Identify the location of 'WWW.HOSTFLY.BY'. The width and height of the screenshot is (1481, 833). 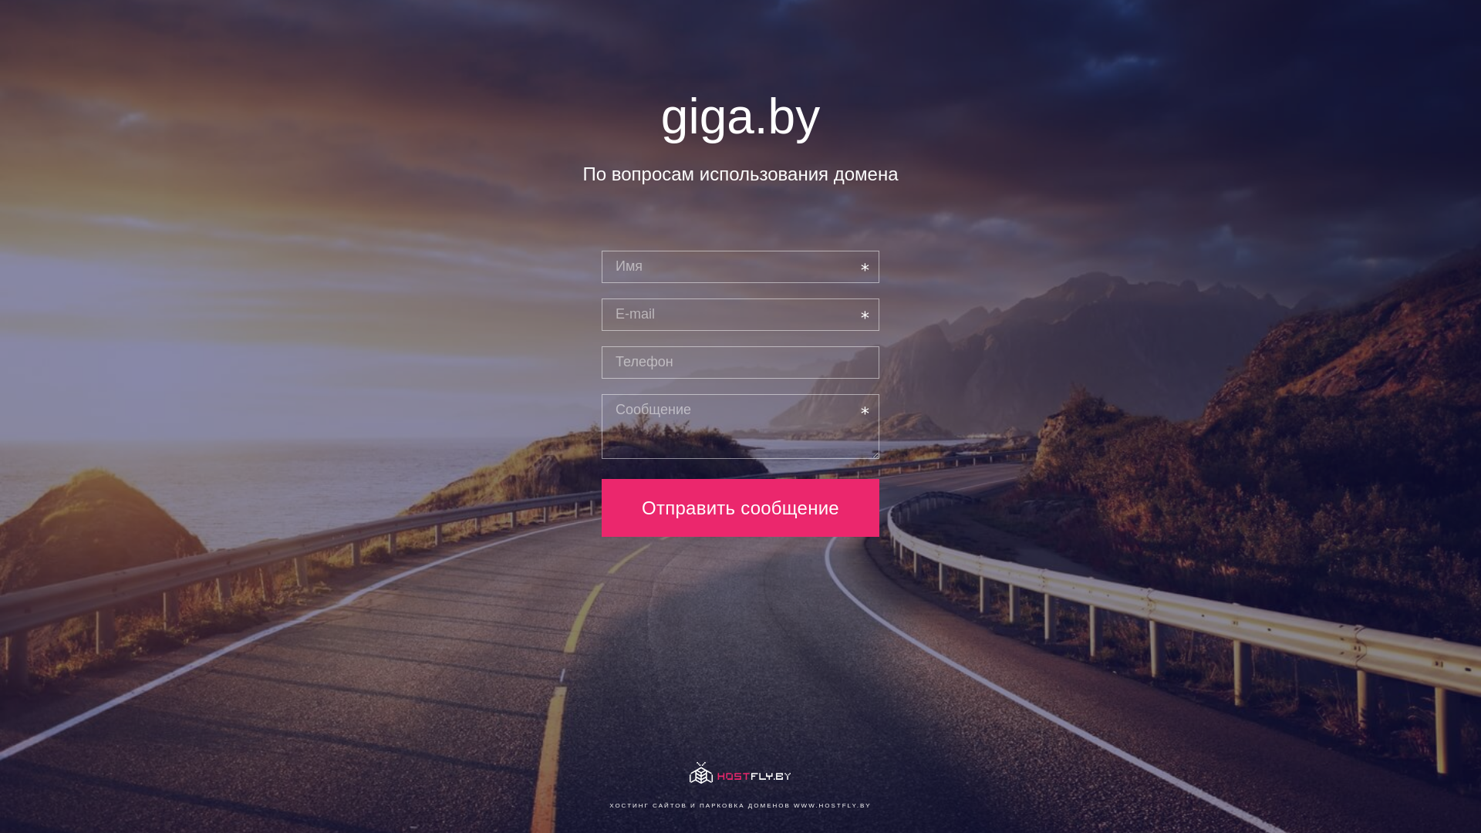
(832, 804).